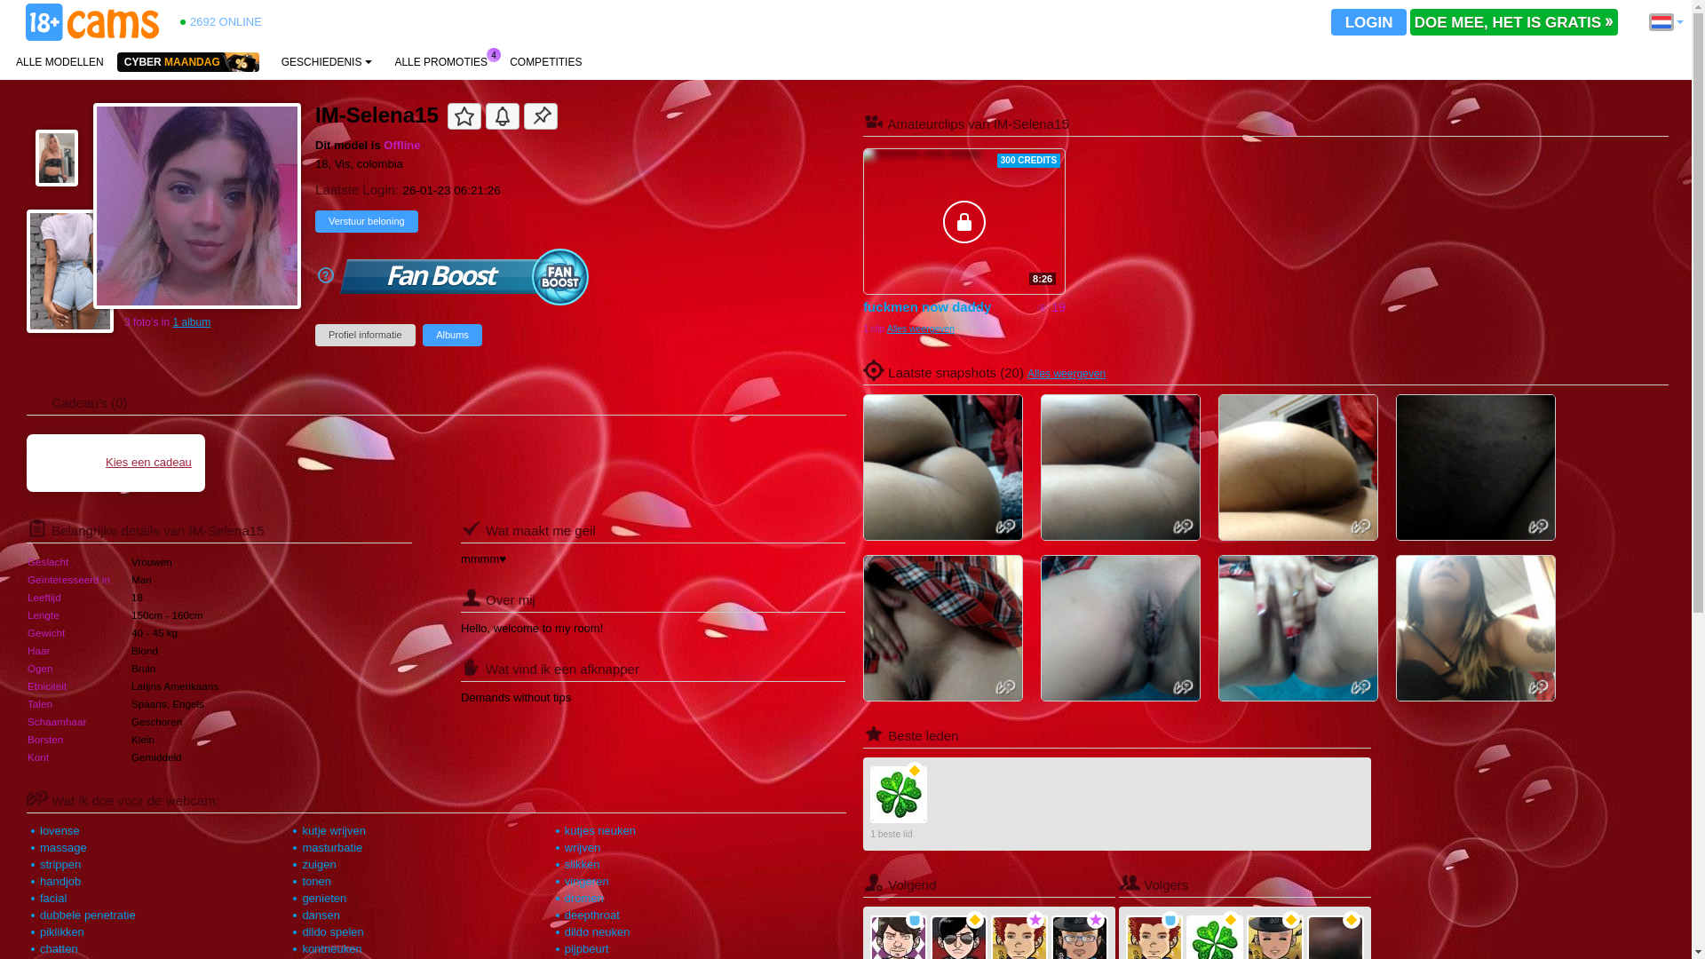  I want to click on 'vingeren', so click(587, 881).